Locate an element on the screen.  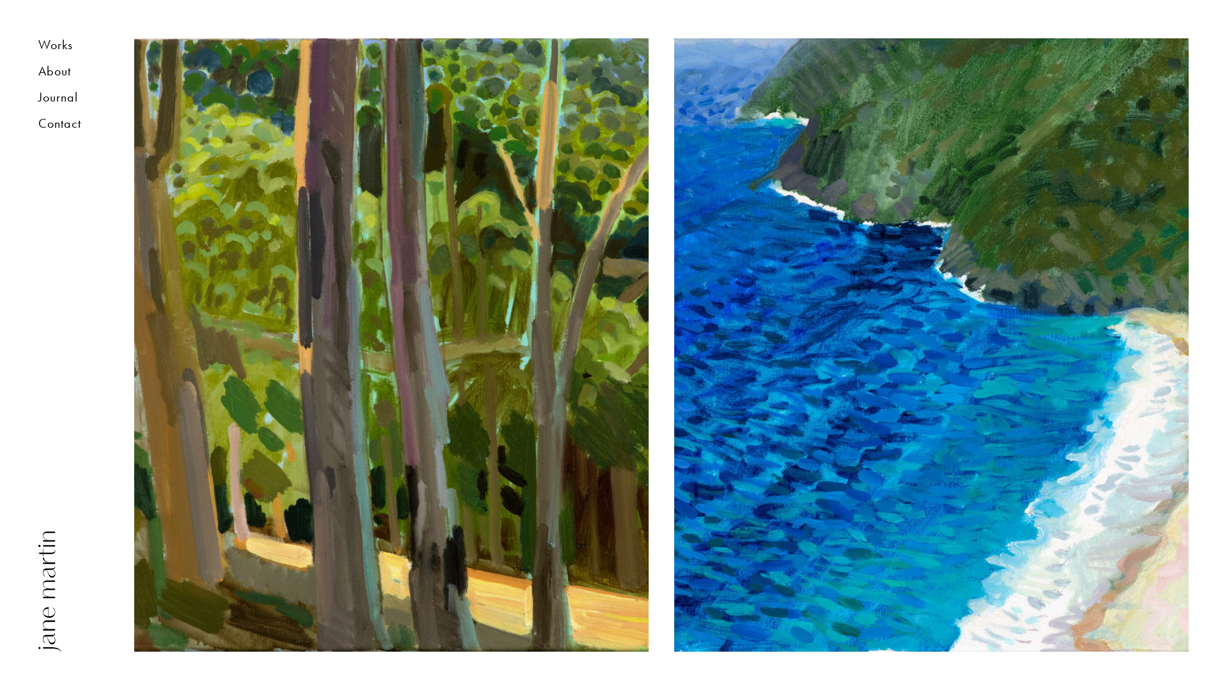
'About' is located at coordinates (38, 74).